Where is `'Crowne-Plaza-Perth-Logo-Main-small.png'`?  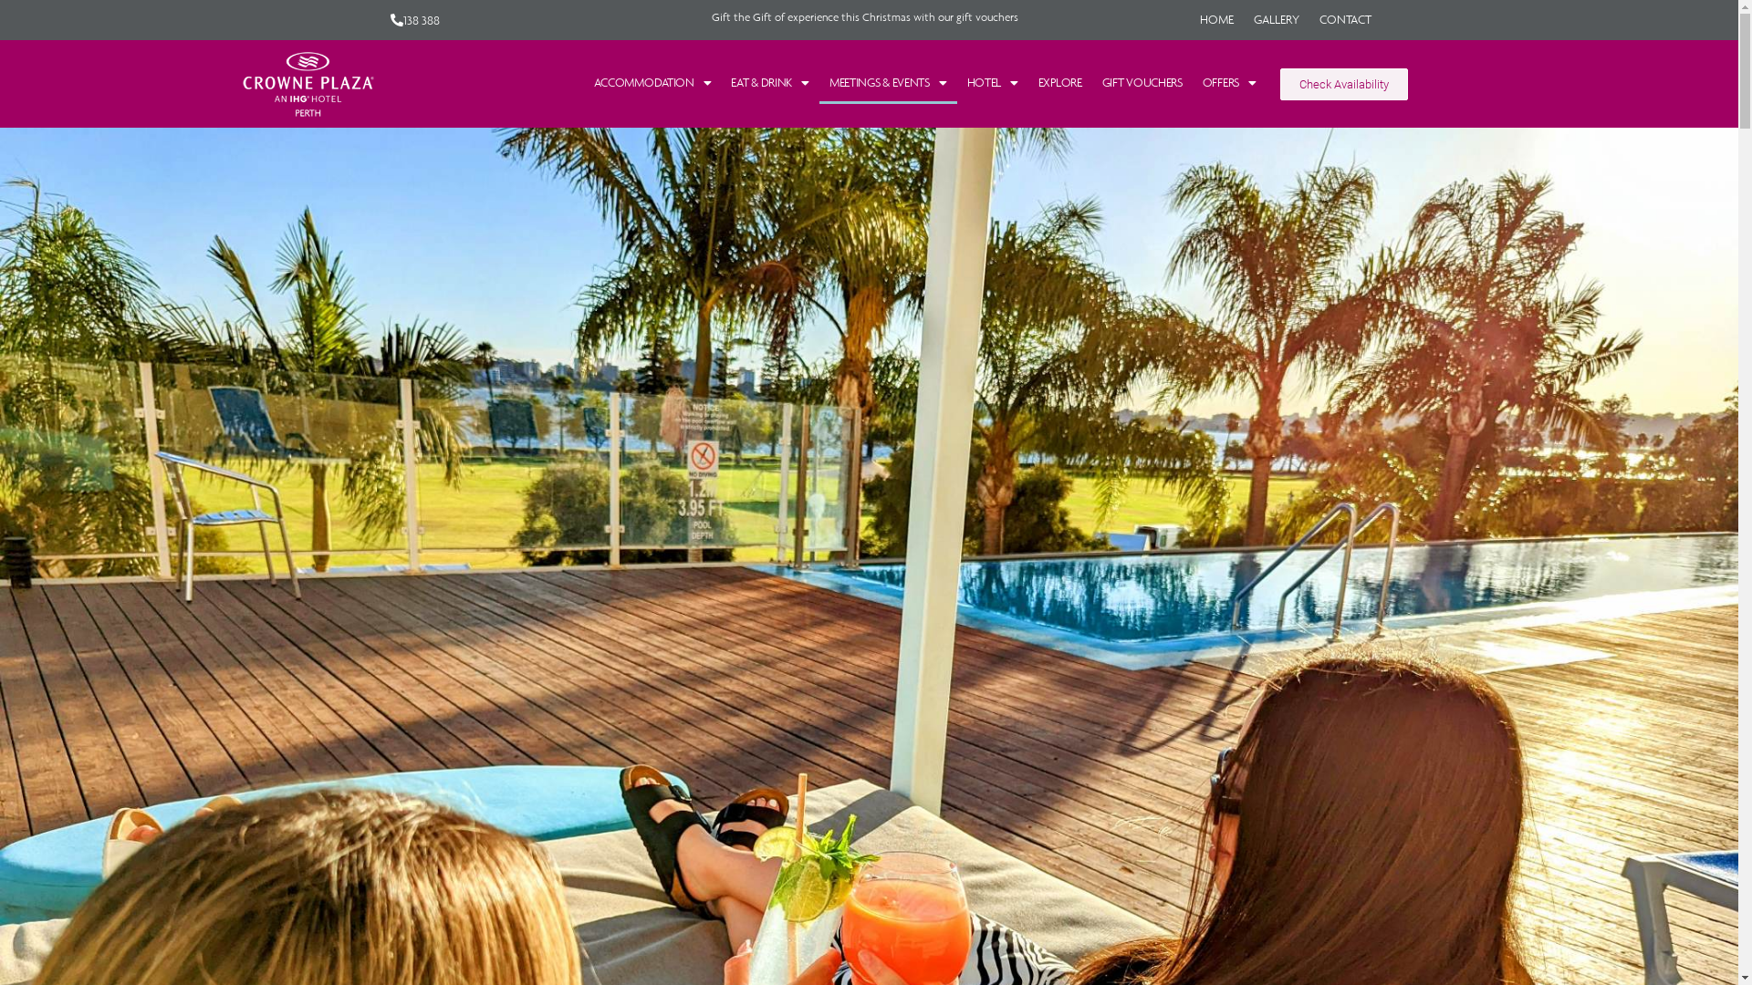
'Crowne-Plaza-Perth-Logo-Main-small.png' is located at coordinates (307, 84).